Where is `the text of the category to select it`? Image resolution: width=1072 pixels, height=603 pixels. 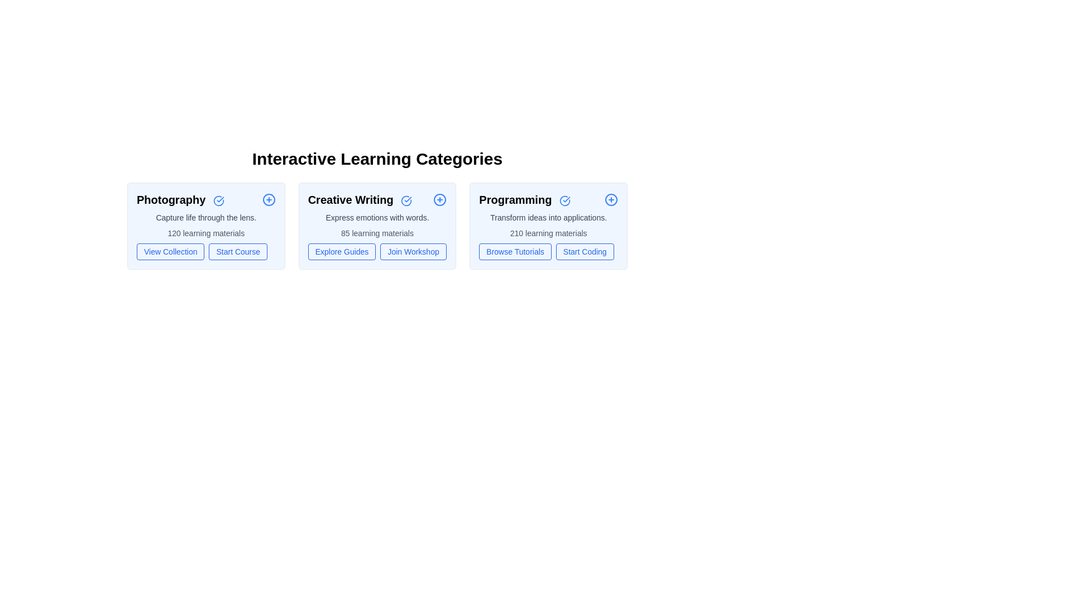
the text of the category to select it is located at coordinates (180, 199).